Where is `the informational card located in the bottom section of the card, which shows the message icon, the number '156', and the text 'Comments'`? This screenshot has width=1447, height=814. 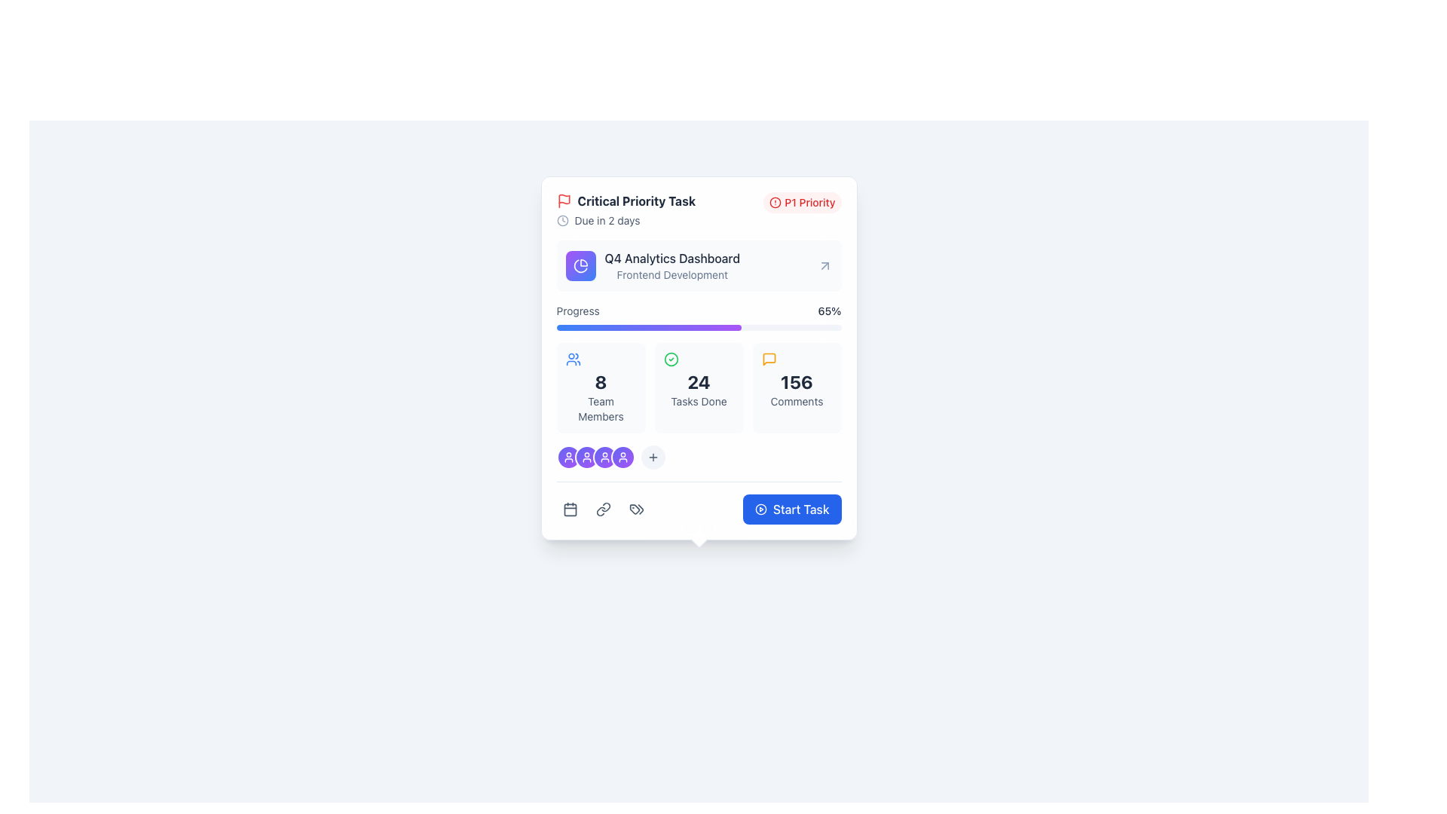 the informational card located in the bottom section of the card, which shows the message icon, the number '156', and the text 'Comments' is located at coordinates (796, 387).